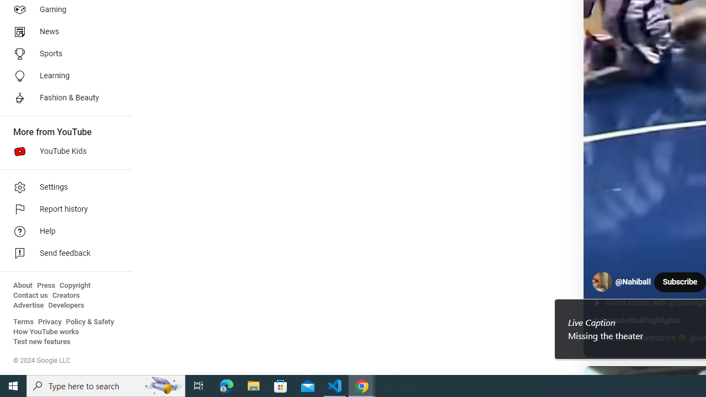 The height and width of the screenshot is (397, 706). I want to click on 'Send feedback', so click(62, 254).